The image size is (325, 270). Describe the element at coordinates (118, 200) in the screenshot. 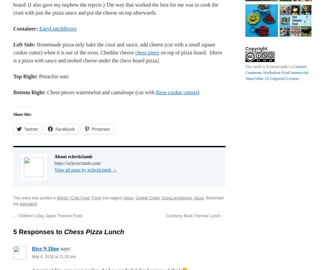

I see `'. Bookmark the'` at that location.